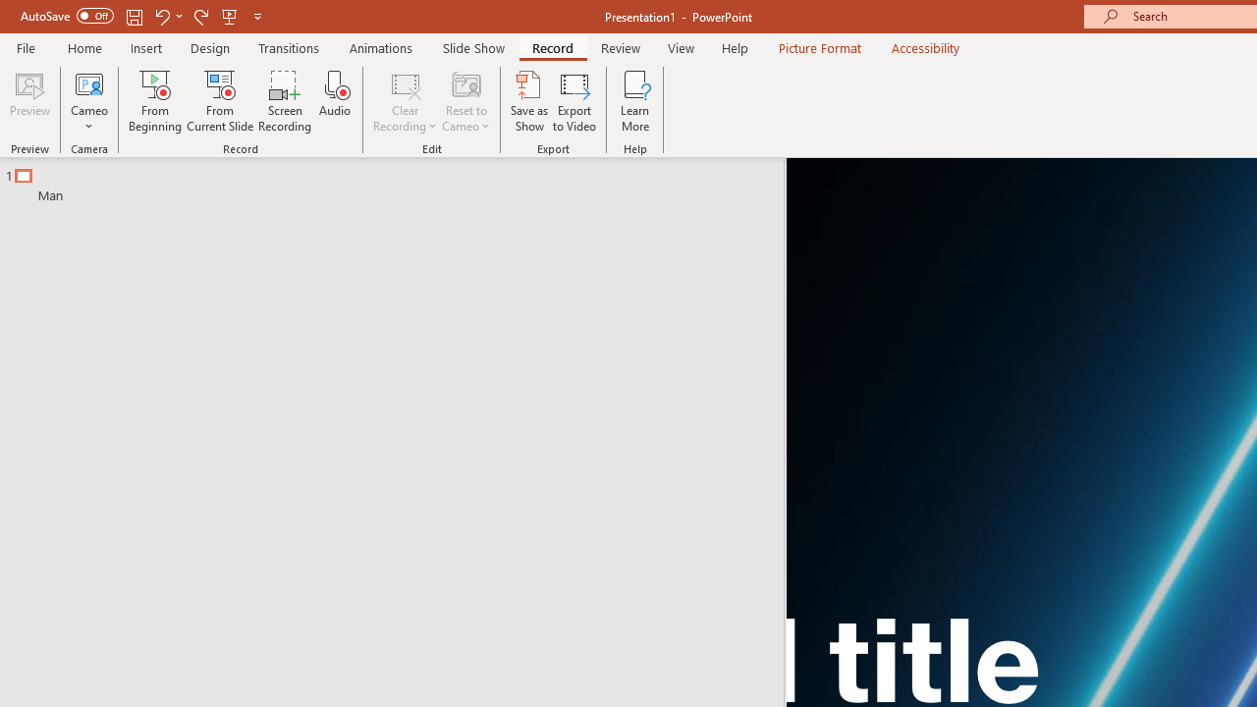  I want to click on 'Picture Format', so click(820, 47).